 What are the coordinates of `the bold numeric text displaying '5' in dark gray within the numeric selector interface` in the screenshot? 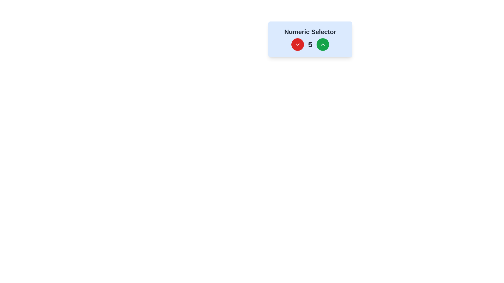 It's located at (310, 44).